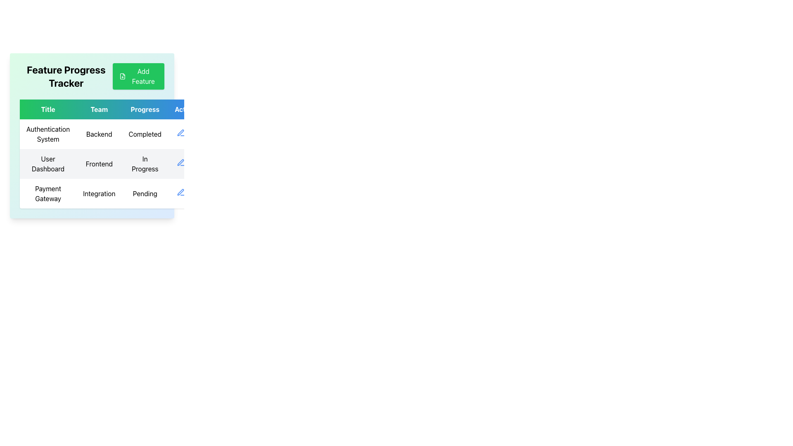 Image resolution: width=793 pixels, height=446 pixels. I want to click on the text label indicating the current status of the corresponding feature or task marked as 'Completed', located in the rightmost position of the 'Progress' column in the 'Authentication System' row of the table, so click(145, 133).